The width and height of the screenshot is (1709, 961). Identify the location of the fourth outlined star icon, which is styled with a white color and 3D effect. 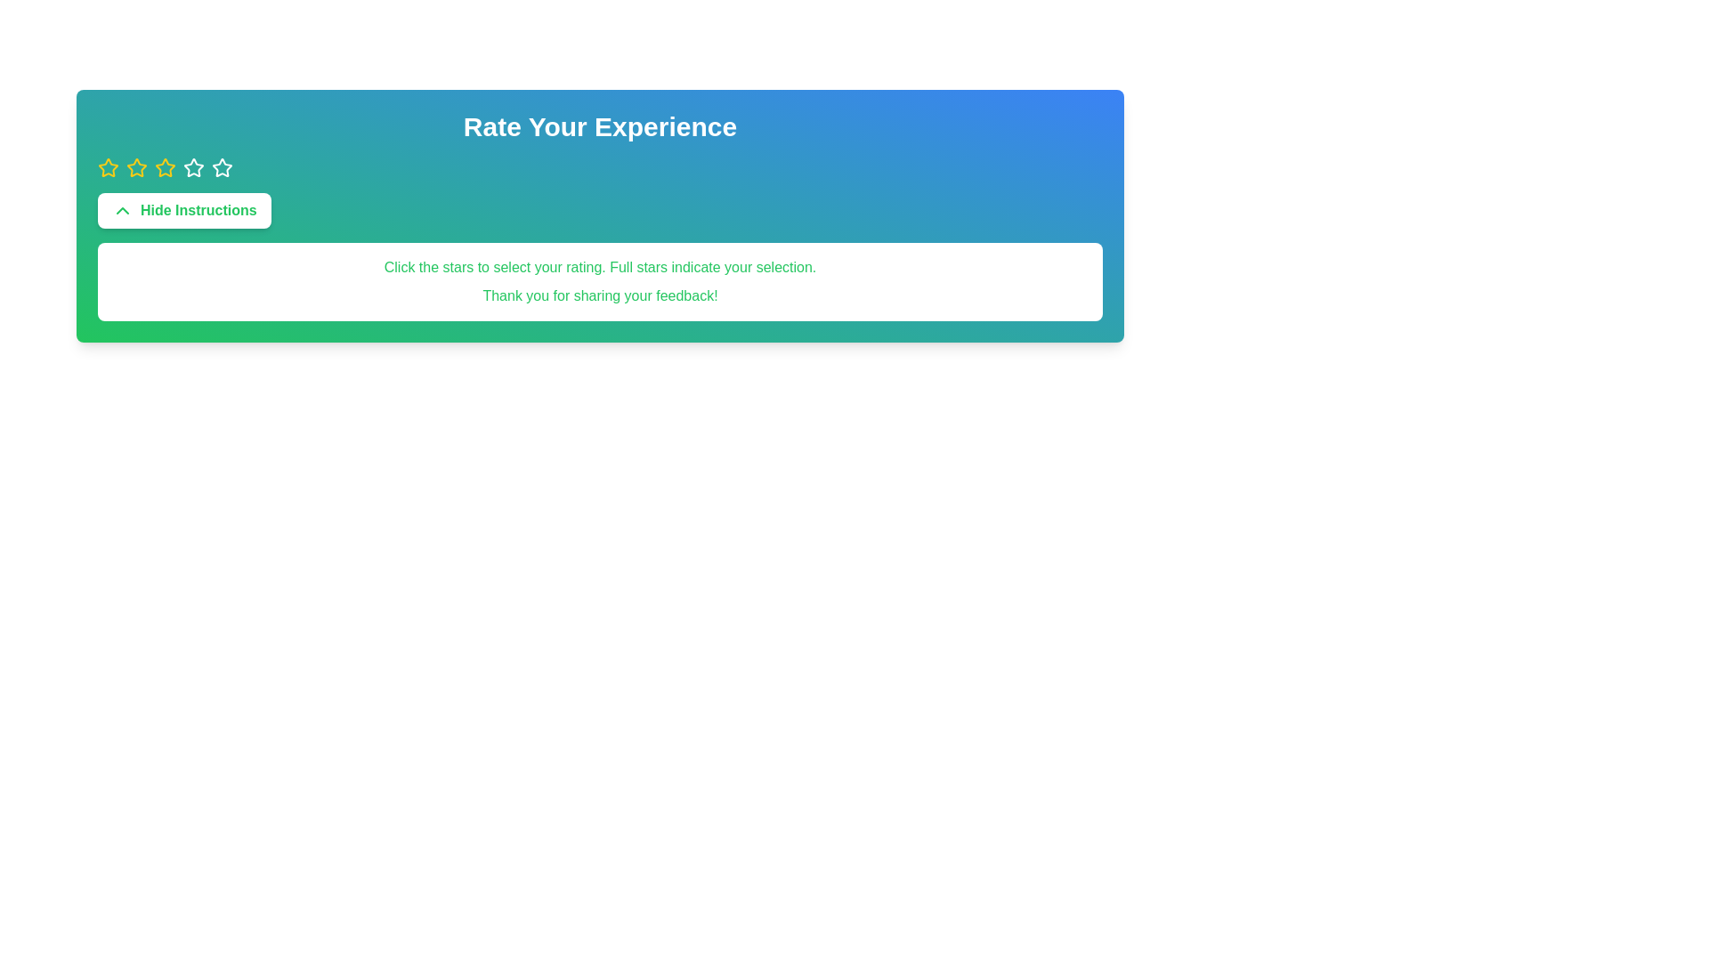
(193, 168).